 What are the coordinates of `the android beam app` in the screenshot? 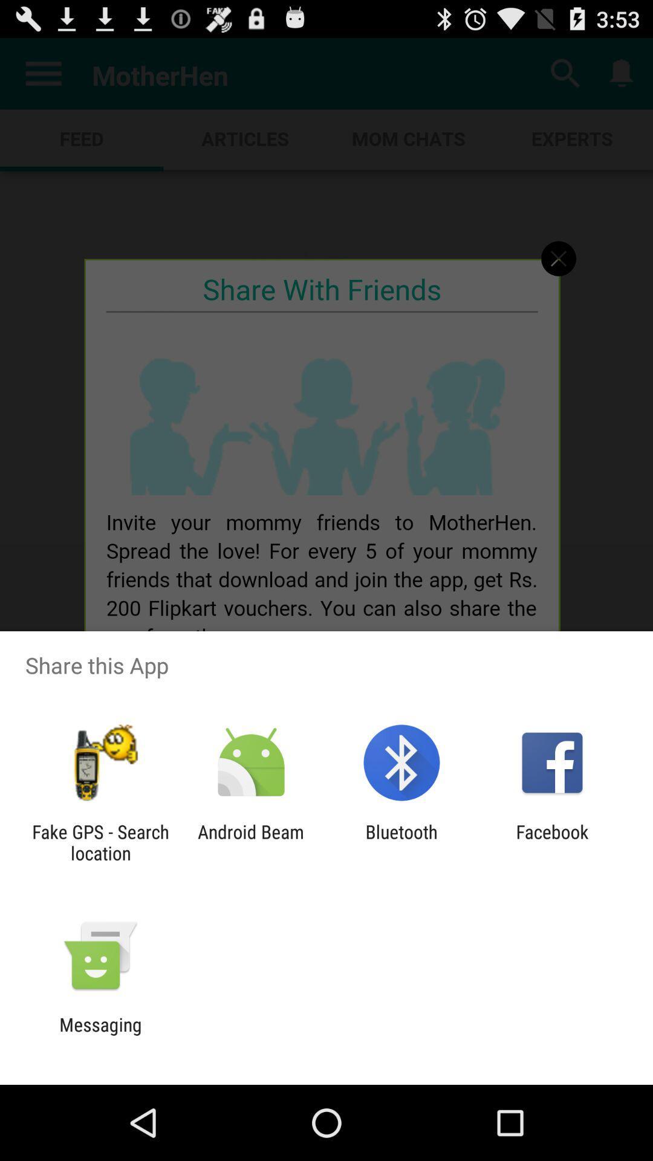 It's located at (250, 842).